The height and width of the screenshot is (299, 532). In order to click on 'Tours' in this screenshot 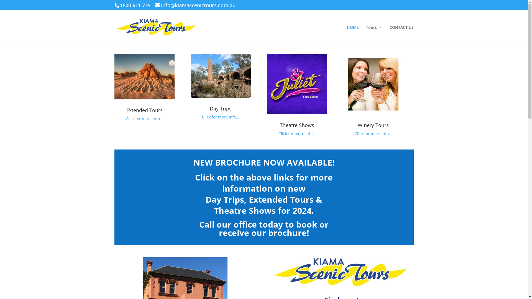, I will do `click(366, 35)`.